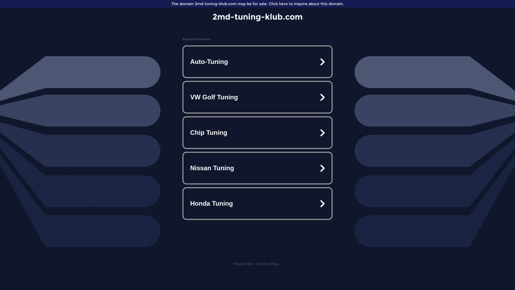 The image size is (515, 290). Describe the element at coordinates (257, 61) in the screenshot. I see `'Auto-Tuning'` at that location.